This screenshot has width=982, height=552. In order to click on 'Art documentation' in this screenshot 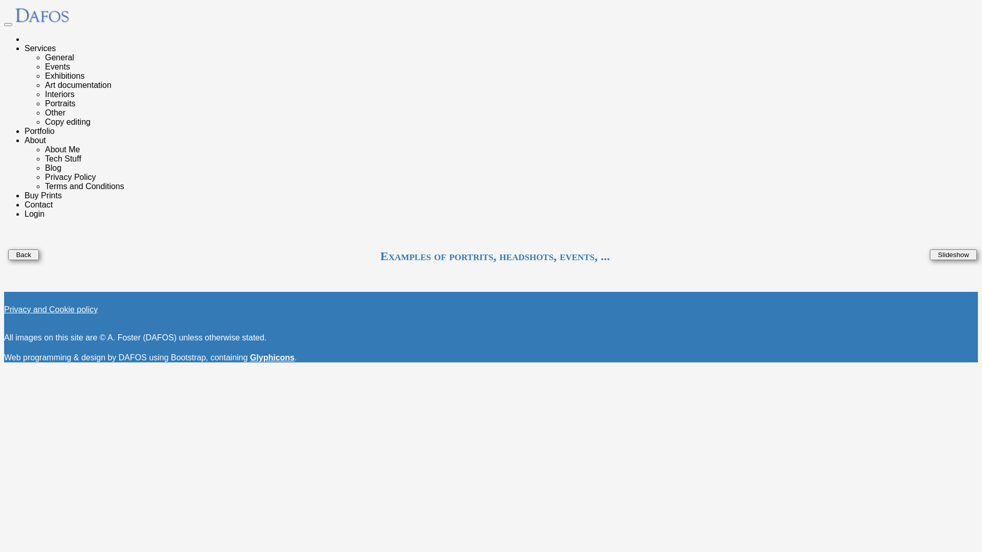, I will do `click(78, 84)`.